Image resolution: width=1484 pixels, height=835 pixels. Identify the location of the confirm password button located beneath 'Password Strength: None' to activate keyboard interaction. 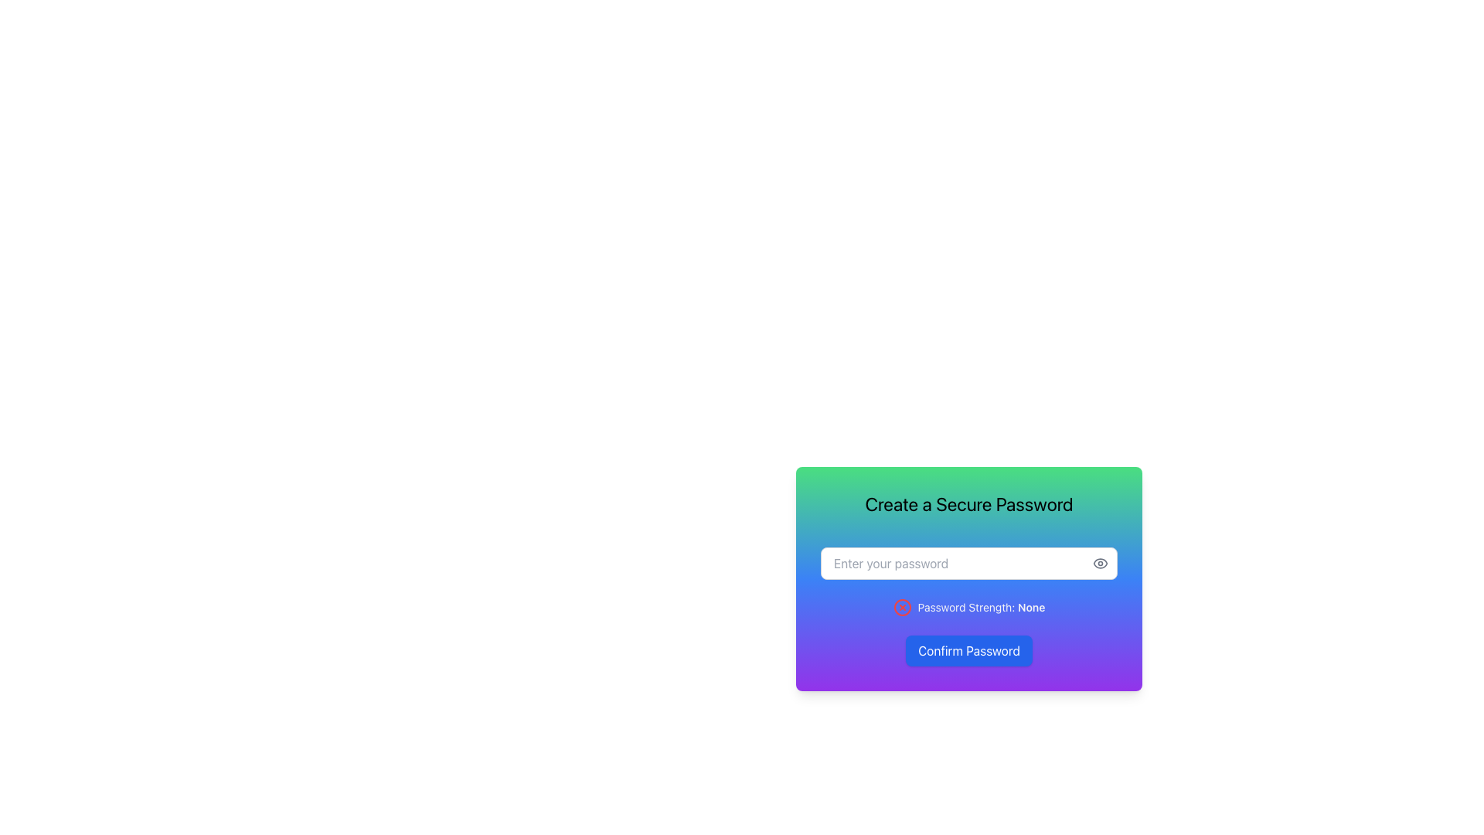
(968, 650).